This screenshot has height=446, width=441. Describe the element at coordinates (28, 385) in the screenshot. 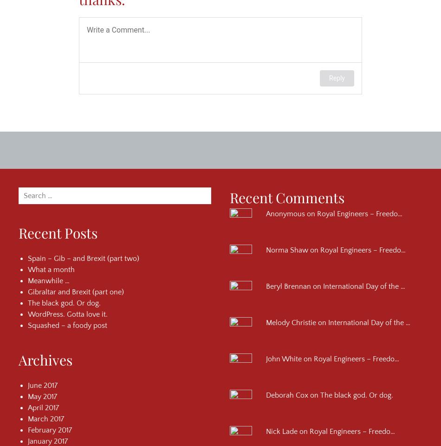

I see `'June 2017'` at that location.